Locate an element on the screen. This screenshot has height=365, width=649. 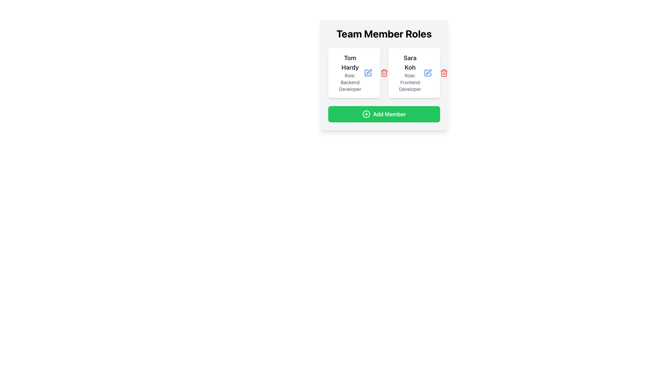
role designation 'Backend Developer' for the team member 'Tom Hardy' from the Label located directly beneath the text 'Tom Hardy' in the first member card is located at coordinates (350, 82).